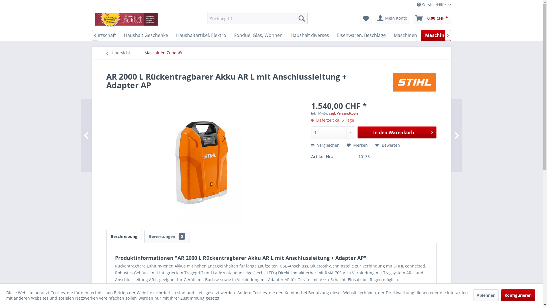 The width and height of the screenshot is (547, 307). What do you see at coordinates (123, 237) in the screenshot?
I see `'Beschreibung'` at bounding box center [123, 237].